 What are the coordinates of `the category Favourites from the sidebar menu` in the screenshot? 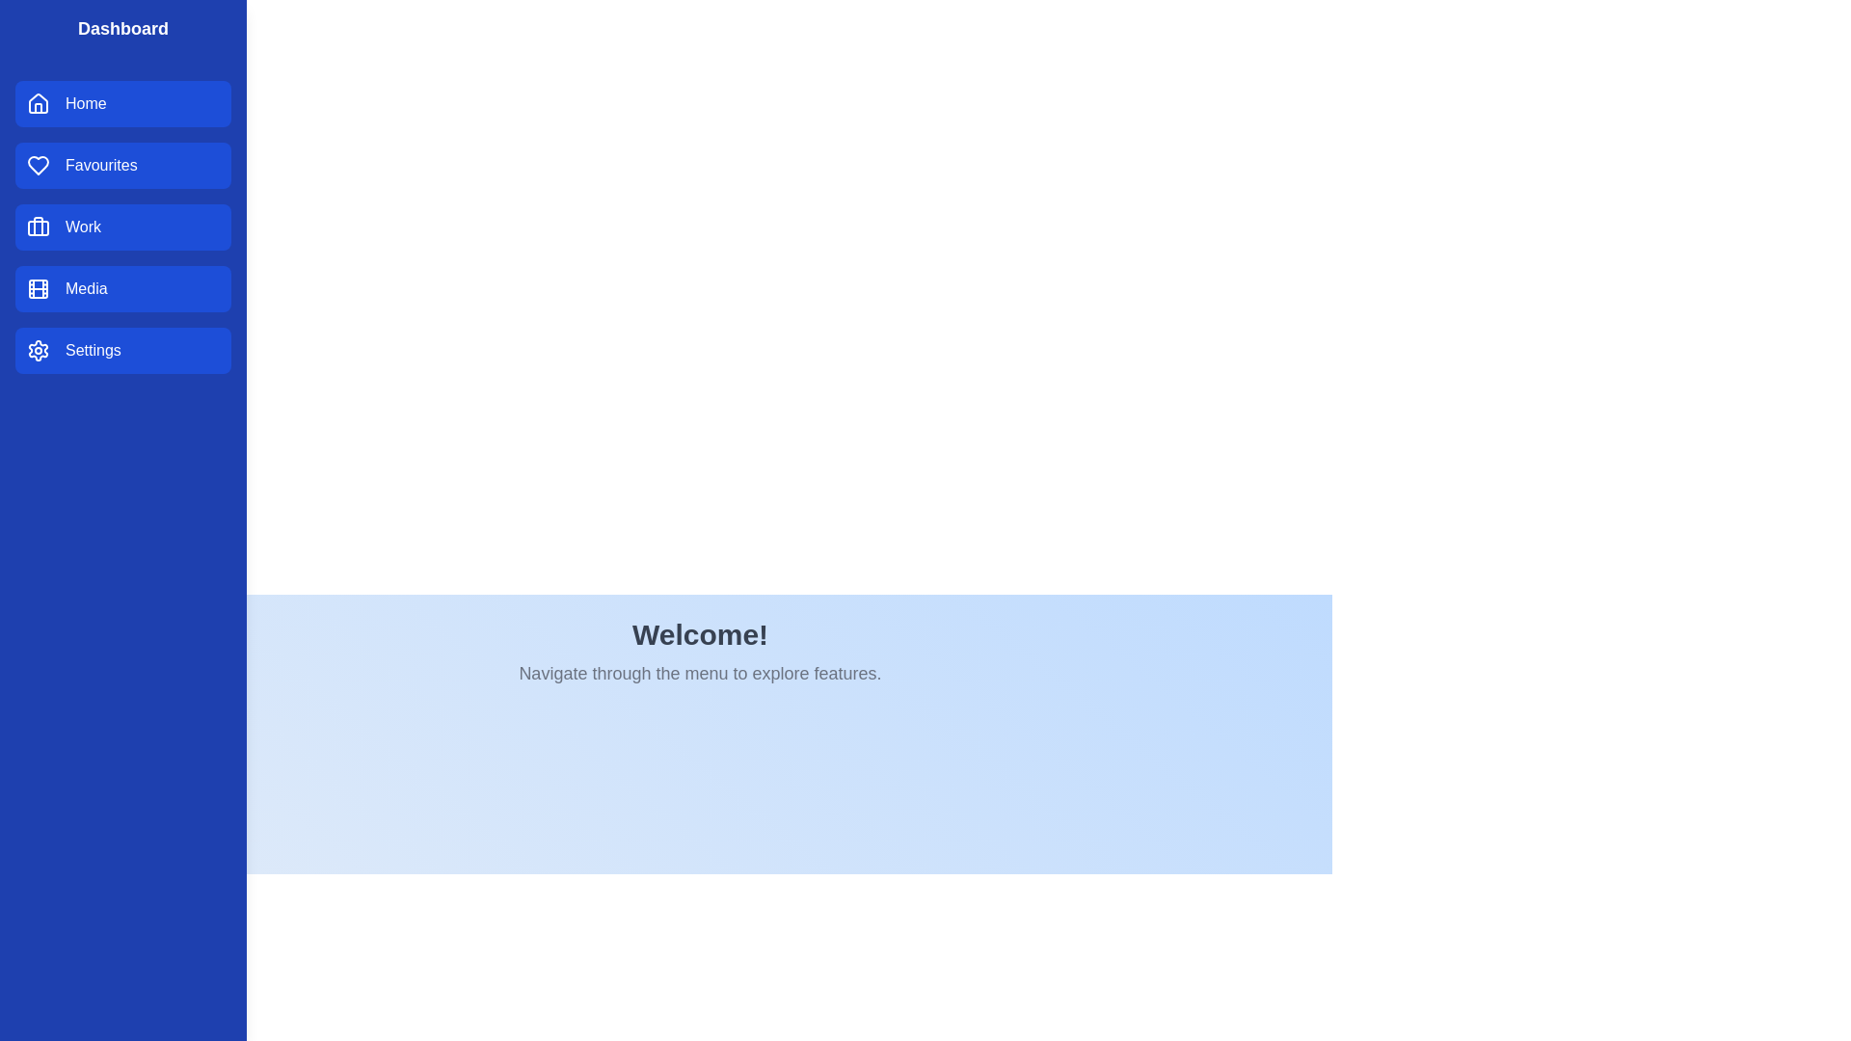 It's located at (122, 165).